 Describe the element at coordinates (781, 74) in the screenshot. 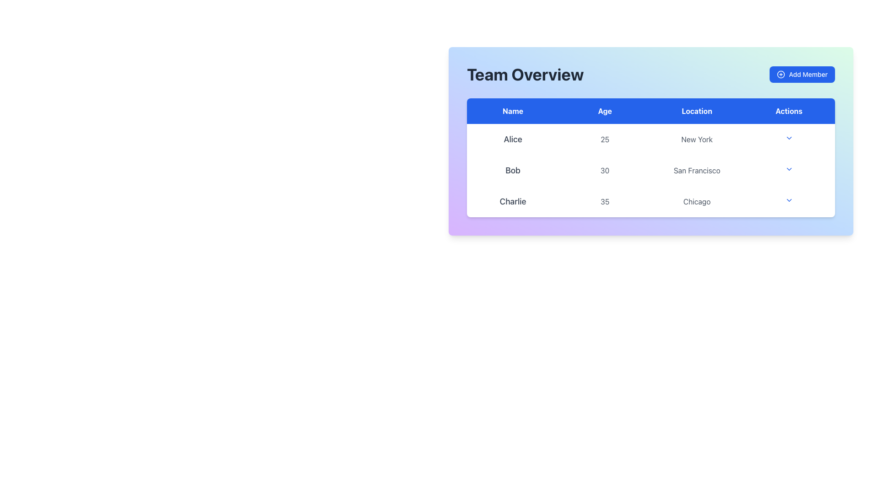

I see `the 'Add' icon component within the button located in the top-right corner of the interface, which allows the user to add a new member` at that location.